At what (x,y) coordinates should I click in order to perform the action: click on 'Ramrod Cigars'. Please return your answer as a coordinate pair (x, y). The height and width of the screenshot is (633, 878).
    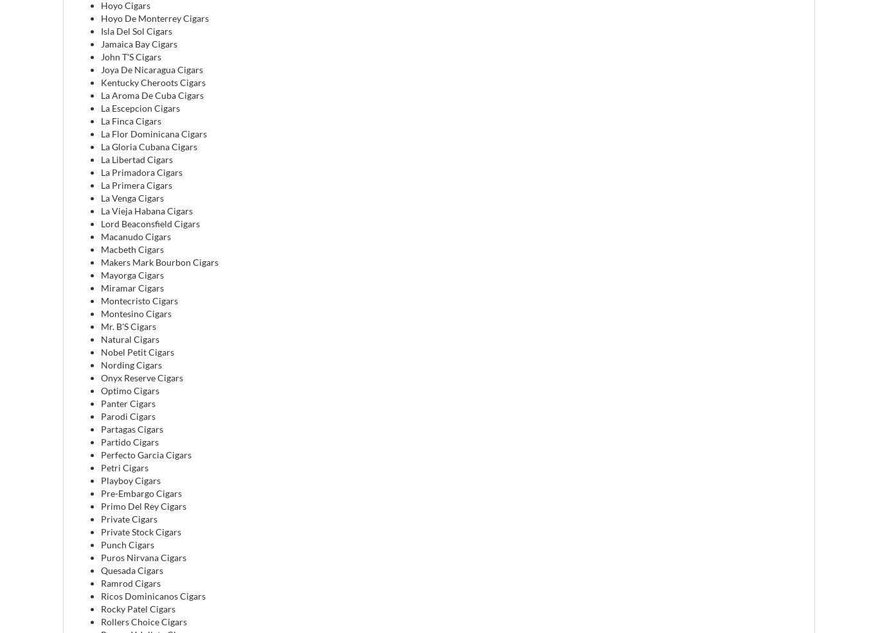
    Looking at the image, I should click on (130, 582).